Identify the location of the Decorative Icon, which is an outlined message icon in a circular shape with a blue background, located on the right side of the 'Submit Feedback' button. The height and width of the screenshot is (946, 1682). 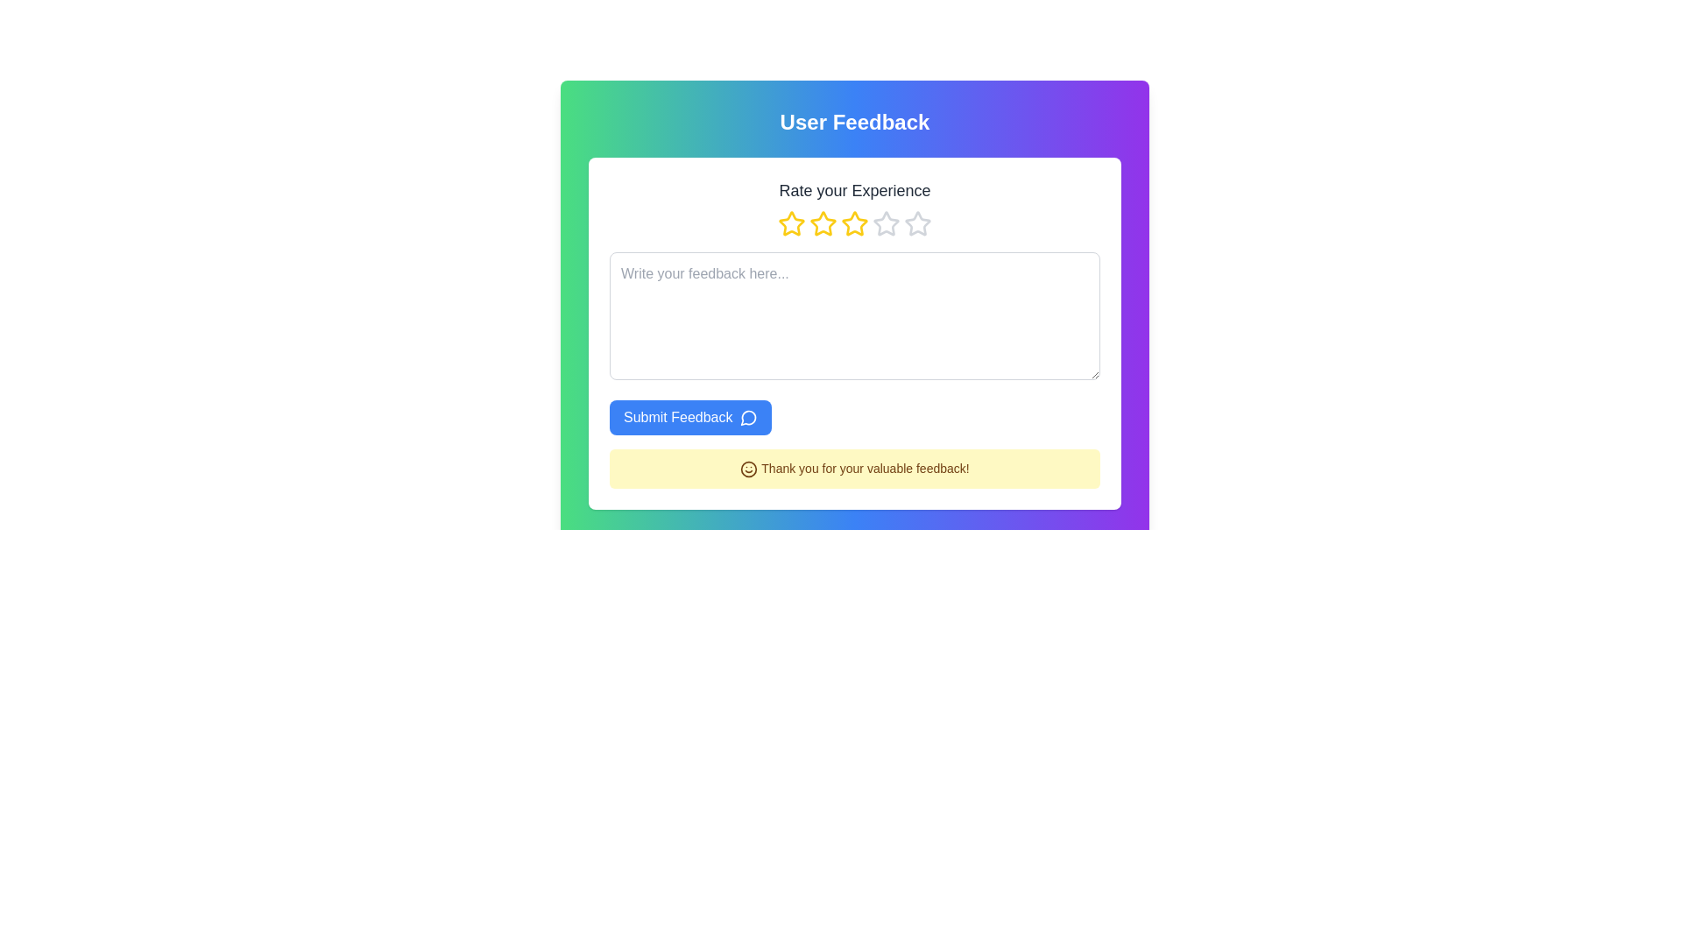
(748, 418).